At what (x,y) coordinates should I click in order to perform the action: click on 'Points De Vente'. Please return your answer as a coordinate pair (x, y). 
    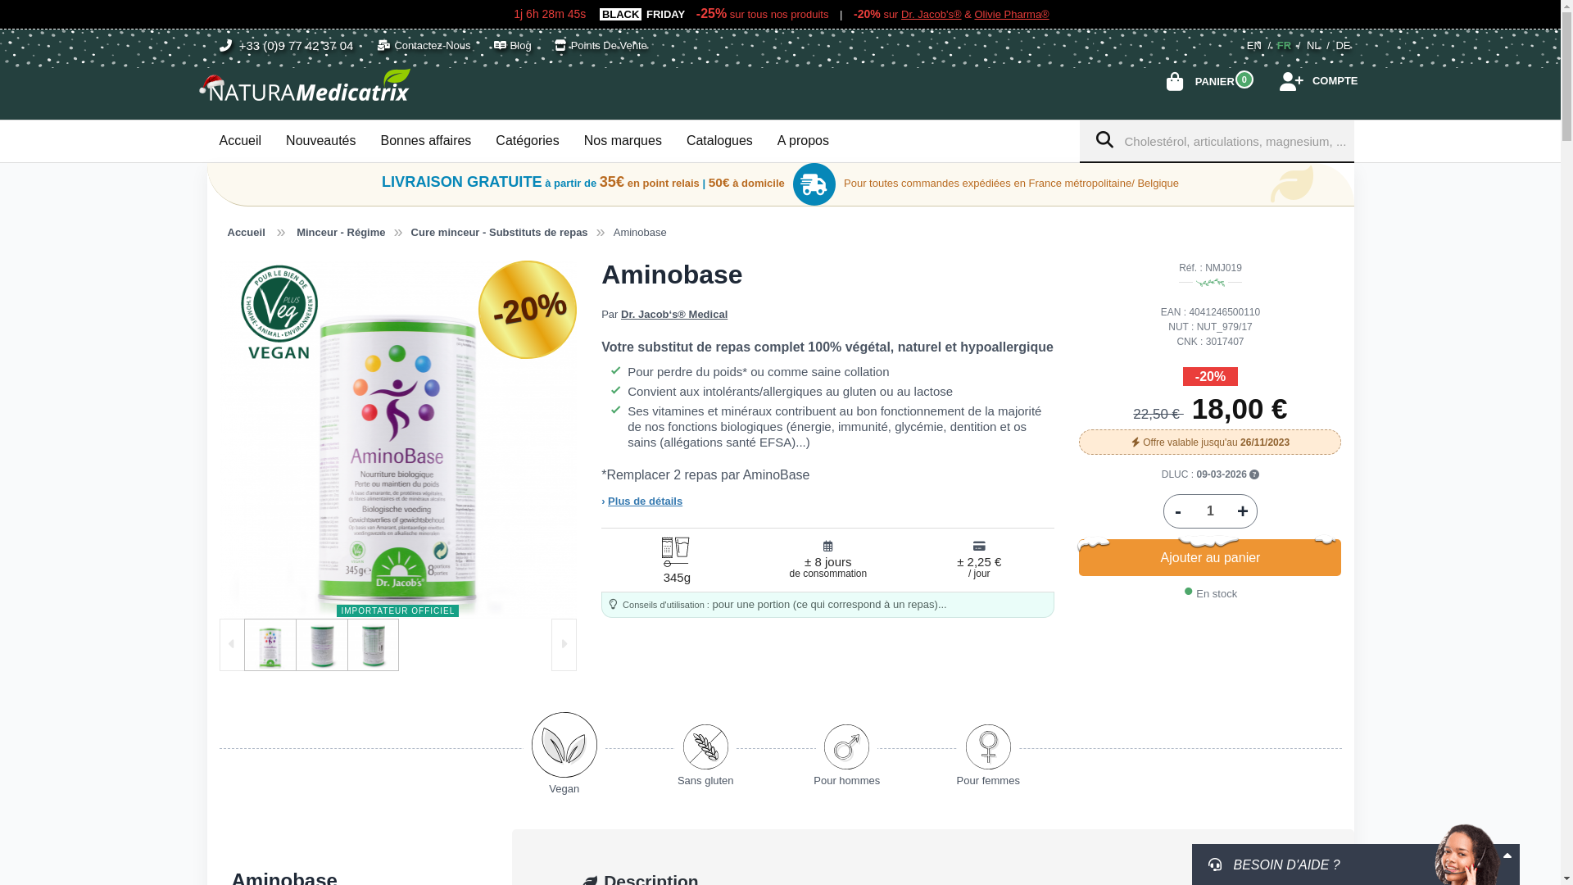
    Looking at the image, I should click on (600, 45).